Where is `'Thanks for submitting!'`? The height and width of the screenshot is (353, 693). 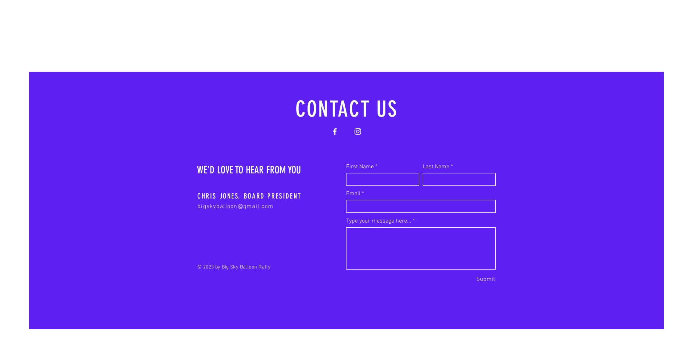 'Thanks for submitting!' is located at coordinates (471, 289).